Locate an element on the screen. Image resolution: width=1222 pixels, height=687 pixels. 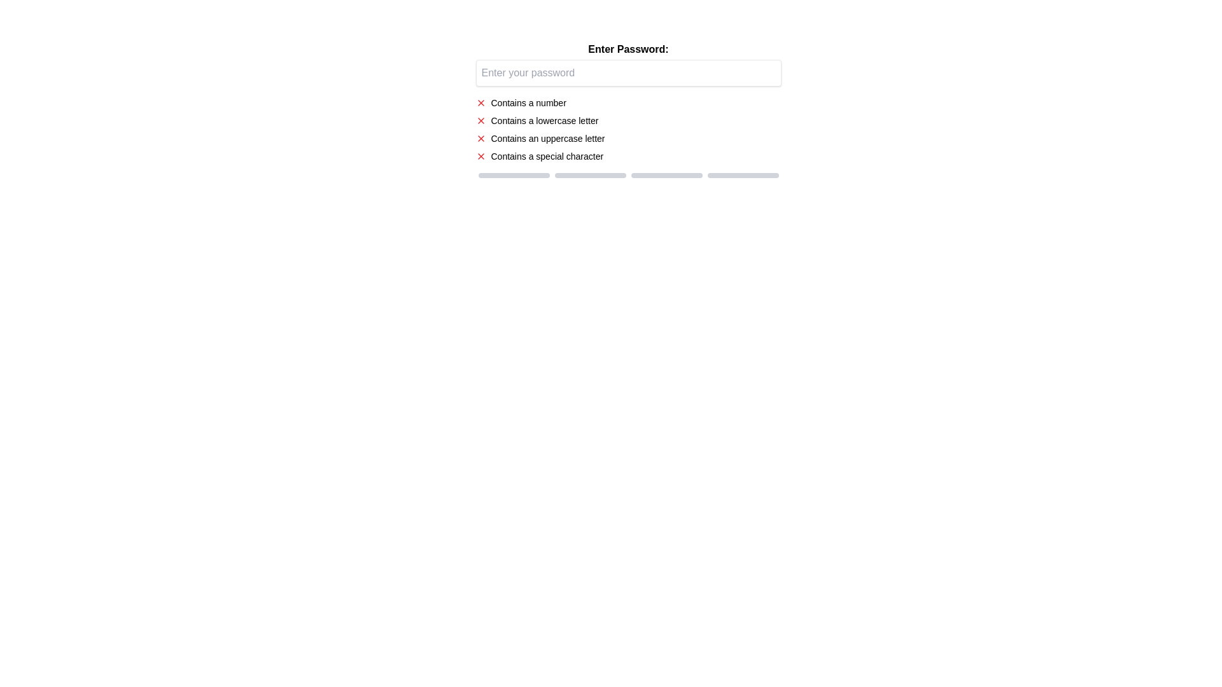
the third progress bar in a sequence of four horizontally arranged strength indicators, which is styled in light gray and has rounded edges is located at coordinates (666, 176).